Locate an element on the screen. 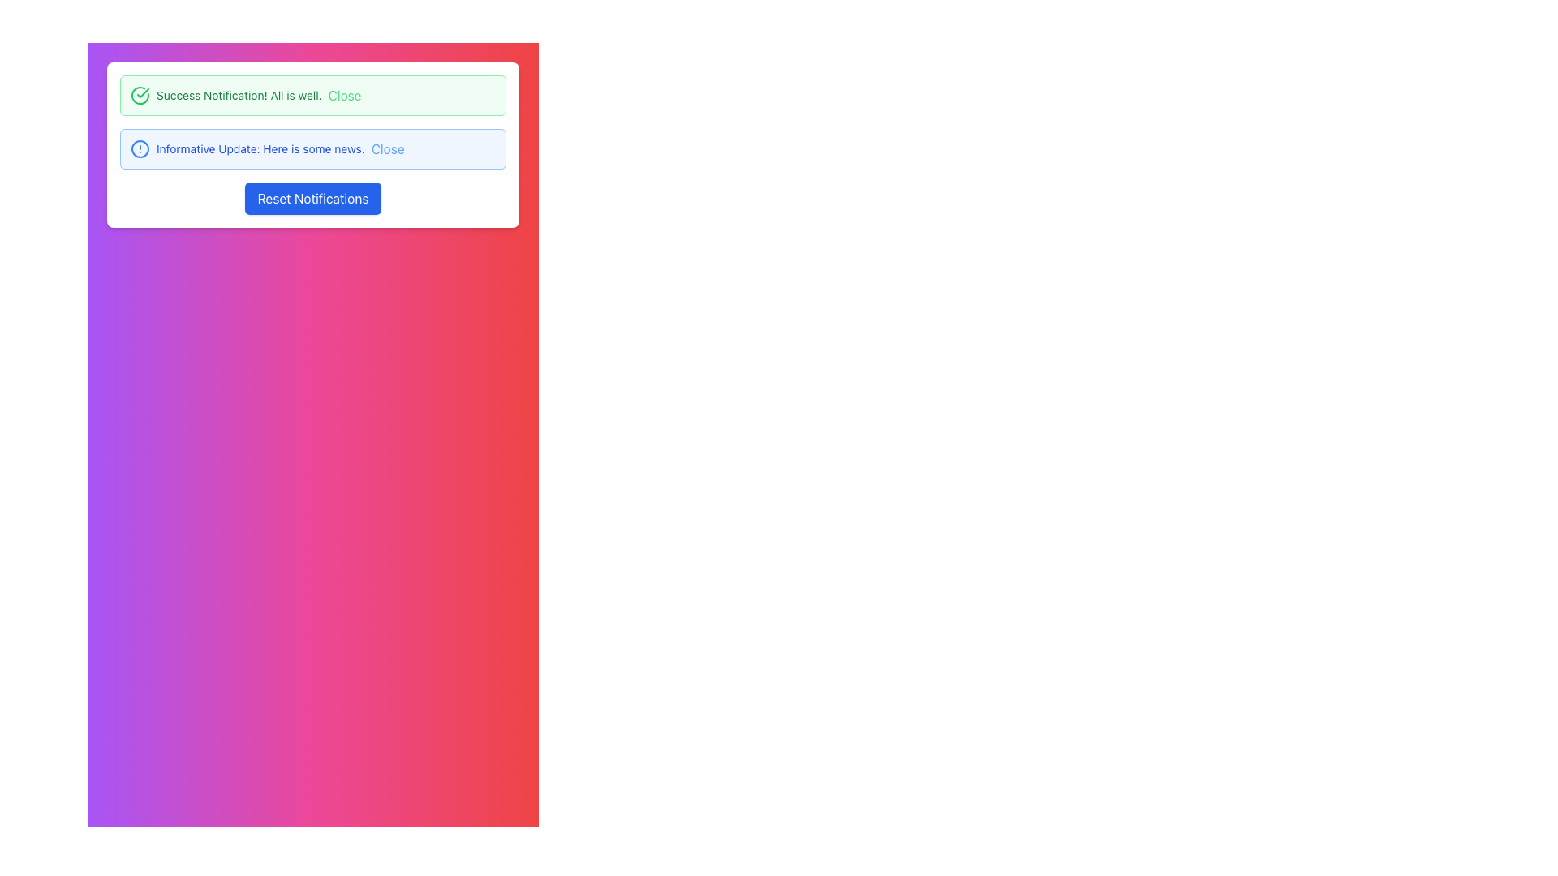 The width and height of the screenshot is (1558, 876). the success confirmation icon located at the leftmost part of the notification card is located at coordinates (140, 96).